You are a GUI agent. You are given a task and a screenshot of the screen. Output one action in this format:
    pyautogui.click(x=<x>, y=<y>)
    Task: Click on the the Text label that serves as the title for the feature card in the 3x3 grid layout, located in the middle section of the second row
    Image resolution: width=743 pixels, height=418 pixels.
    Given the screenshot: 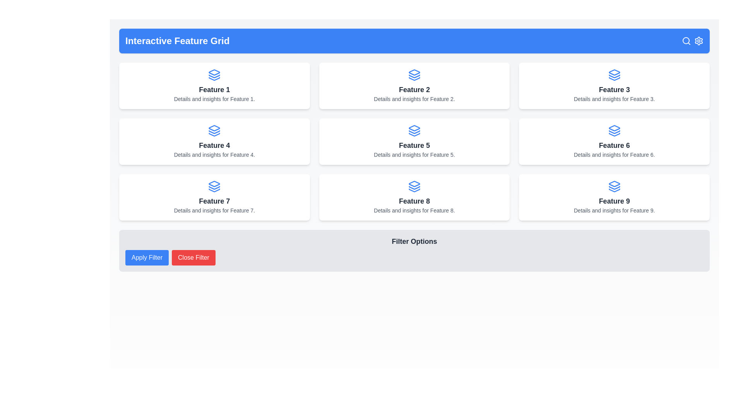 What is the action you would take?
    pyautogui.click(x=614, y=89)
    